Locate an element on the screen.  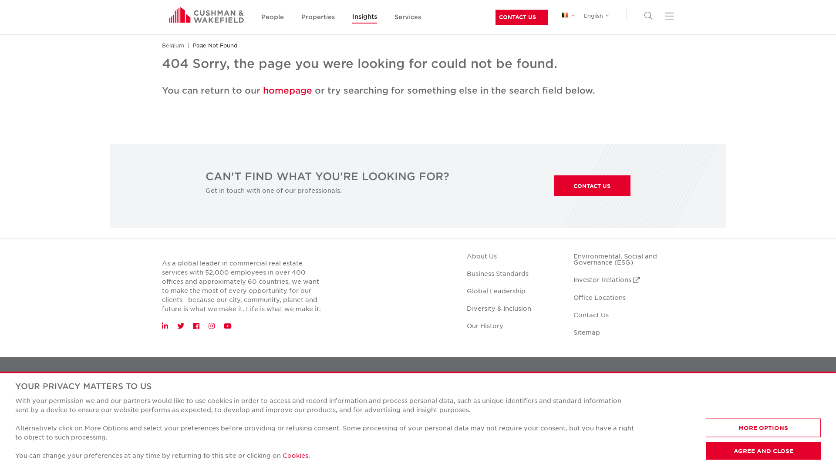
'Investor Relations is located at coordinates (606, 279).